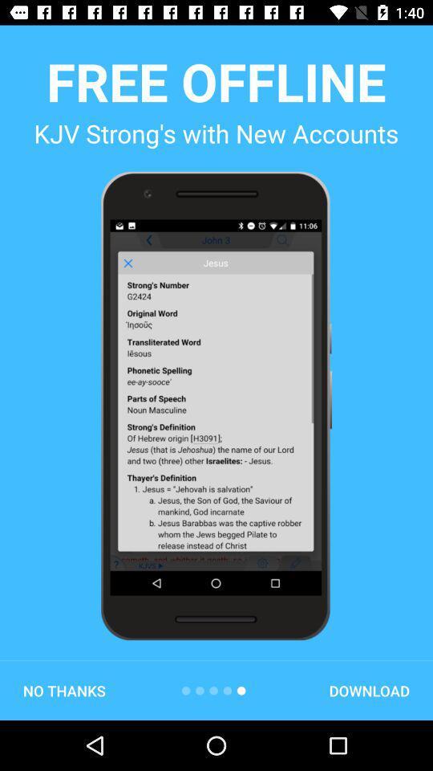 The height and width of the screenshot is (771, 433). I want to click on free offline app, so click(216, 81).